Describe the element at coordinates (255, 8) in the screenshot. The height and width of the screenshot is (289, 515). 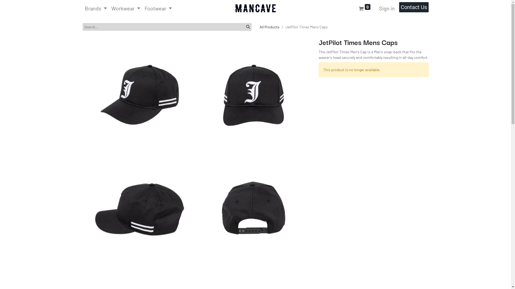
I see `'Man Cave Workwear'` at that location.